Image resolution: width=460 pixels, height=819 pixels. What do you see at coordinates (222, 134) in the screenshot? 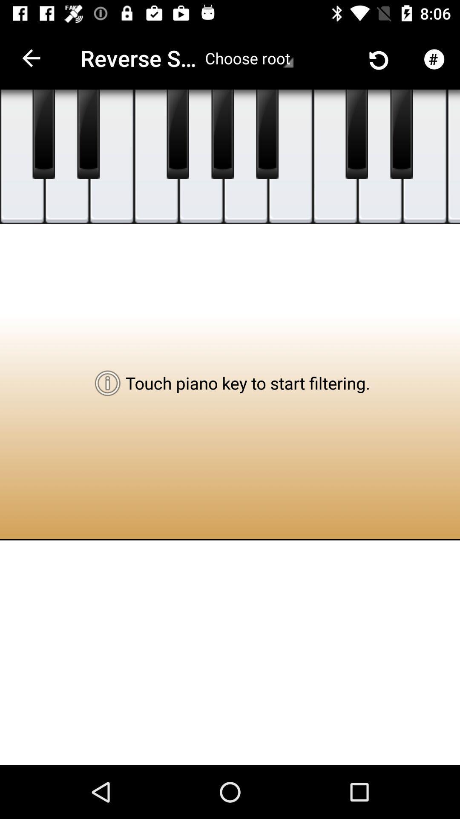
I see `piano key` at bounding box center [222, 134].